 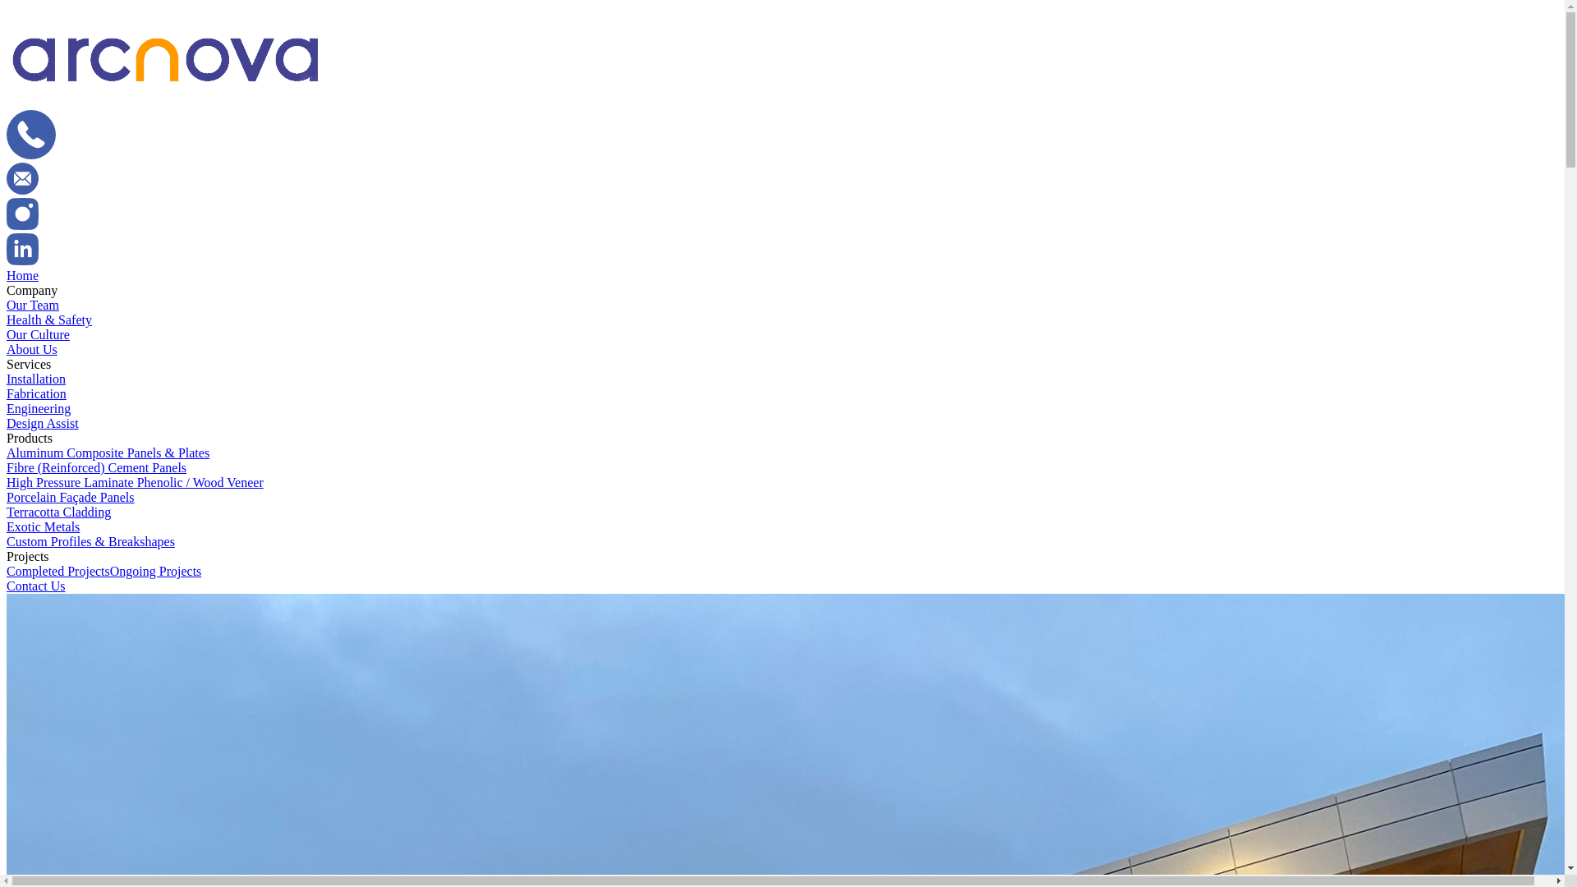 What do you see at coordinates (39, 407) in the screenshot?
I see `'Engineering'` at bounding box center [39, 407].